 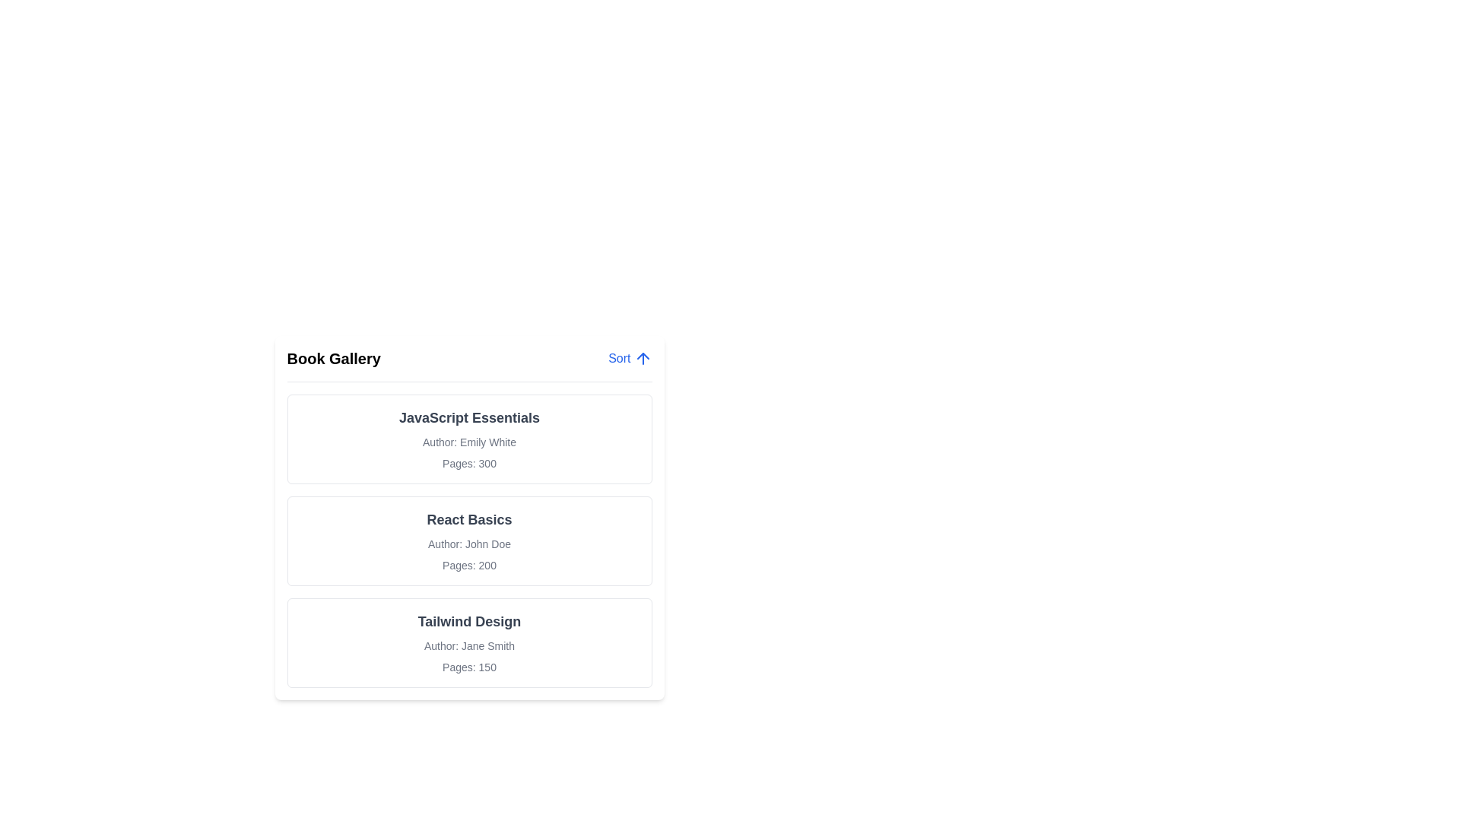 I want to click on text label displaying the author of the book 'React Basics', which is located below the title and above the page count text, so click(x=468, y=544).